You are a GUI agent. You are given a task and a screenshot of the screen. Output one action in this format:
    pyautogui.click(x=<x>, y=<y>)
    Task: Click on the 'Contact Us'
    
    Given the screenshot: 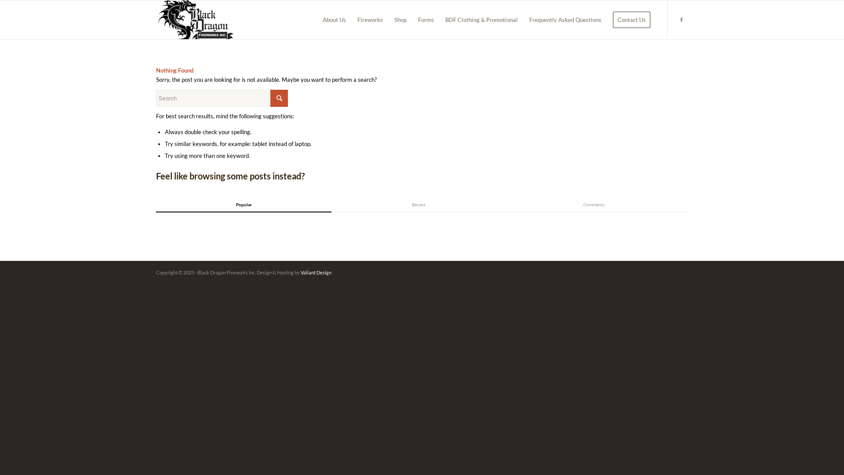 What is the action you would take?
    pyautogui.click(x=631, y=20)
    